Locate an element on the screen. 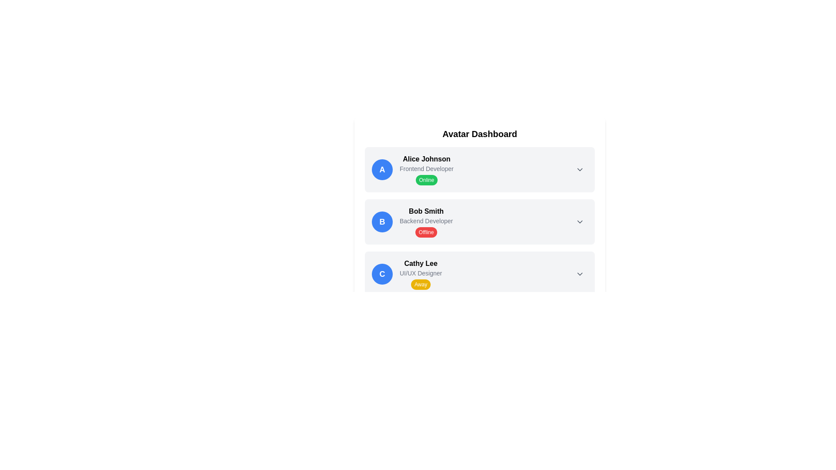 Image resolution: width=836 pixels, height=470 pixels. the user profile card for 'Bob Smith', which is the second card in a vertically stacked list, providing details such as job title and status is located at coordinates (479, 221).